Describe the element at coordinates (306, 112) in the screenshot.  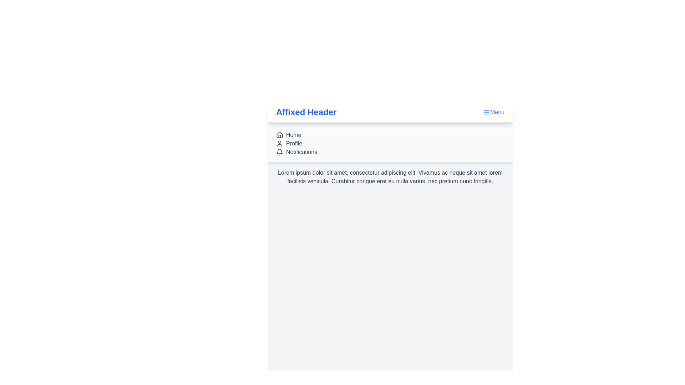
I see `the static text label displaying 'Affixed Header' in a large blue bold font, located in the sticky header area to the left of the 'Menu' element` at that location.